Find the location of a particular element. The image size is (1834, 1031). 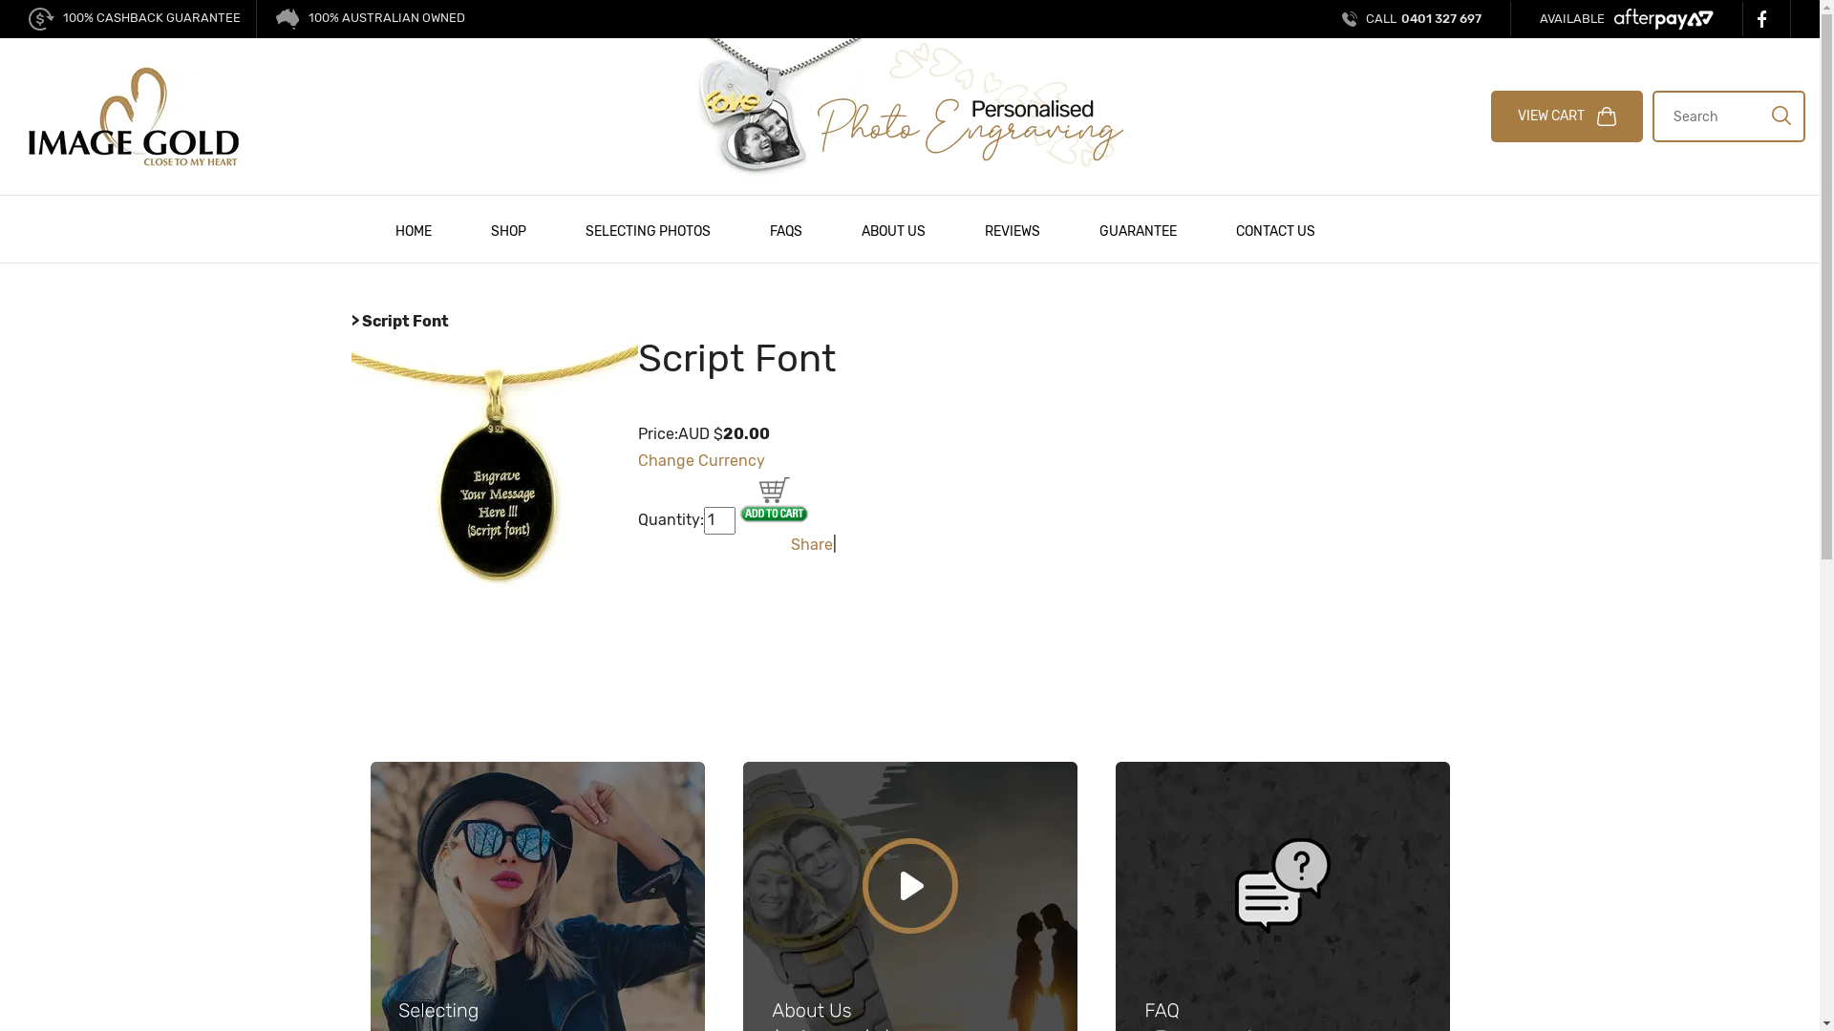

'Change Currency' is located at coordinates (700, 460).